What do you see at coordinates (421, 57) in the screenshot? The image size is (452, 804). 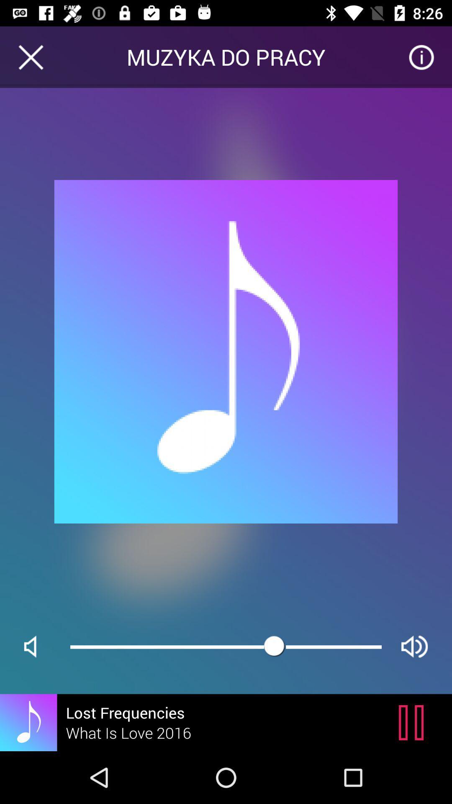 I see `item at the top right corner` at bounding box center [421, 57].